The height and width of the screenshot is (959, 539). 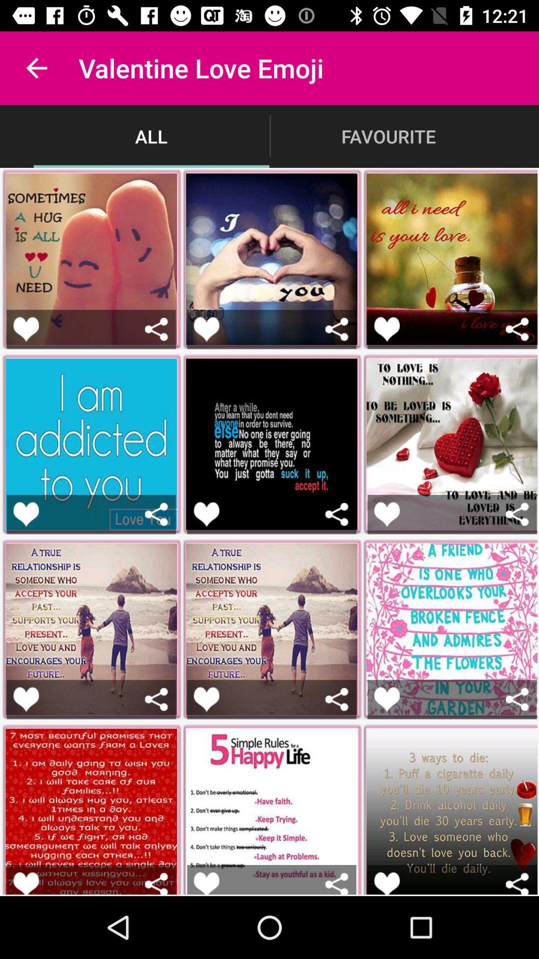 What do you see at coordinates (206, 883) in the screenshot?
I see `like 5 simple rules for a happy life` at bounding box center [206, 883].